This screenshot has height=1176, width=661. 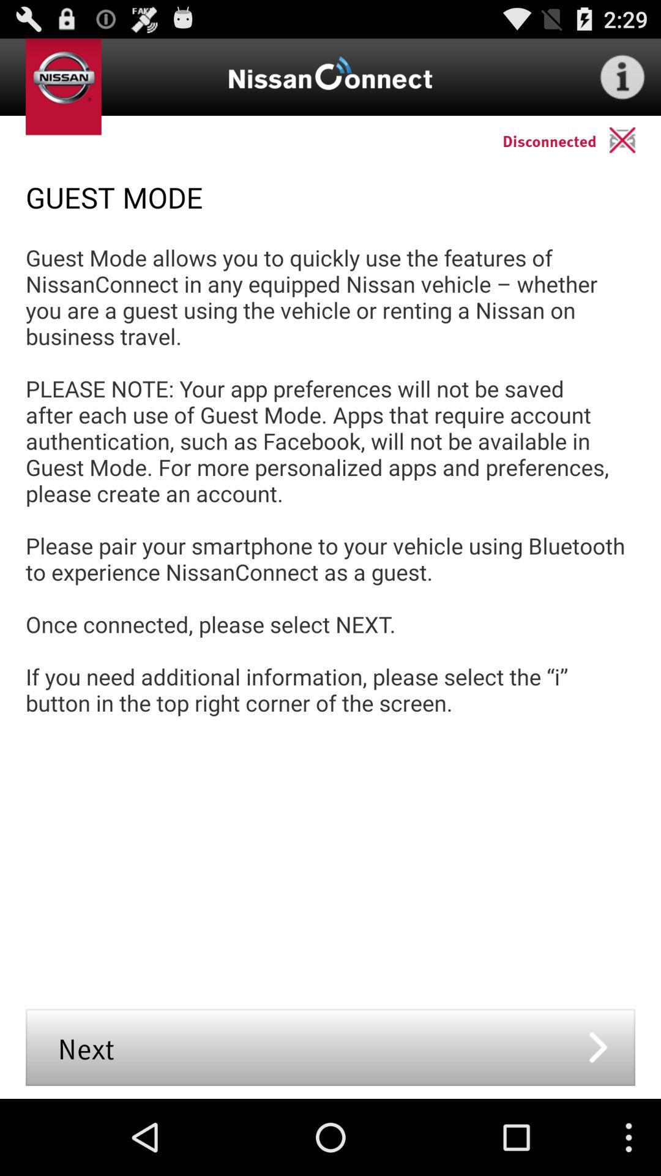 What do you see at coordinates (622, 76) in the screenshot?
I see `information` at bounding box center [622, 76].